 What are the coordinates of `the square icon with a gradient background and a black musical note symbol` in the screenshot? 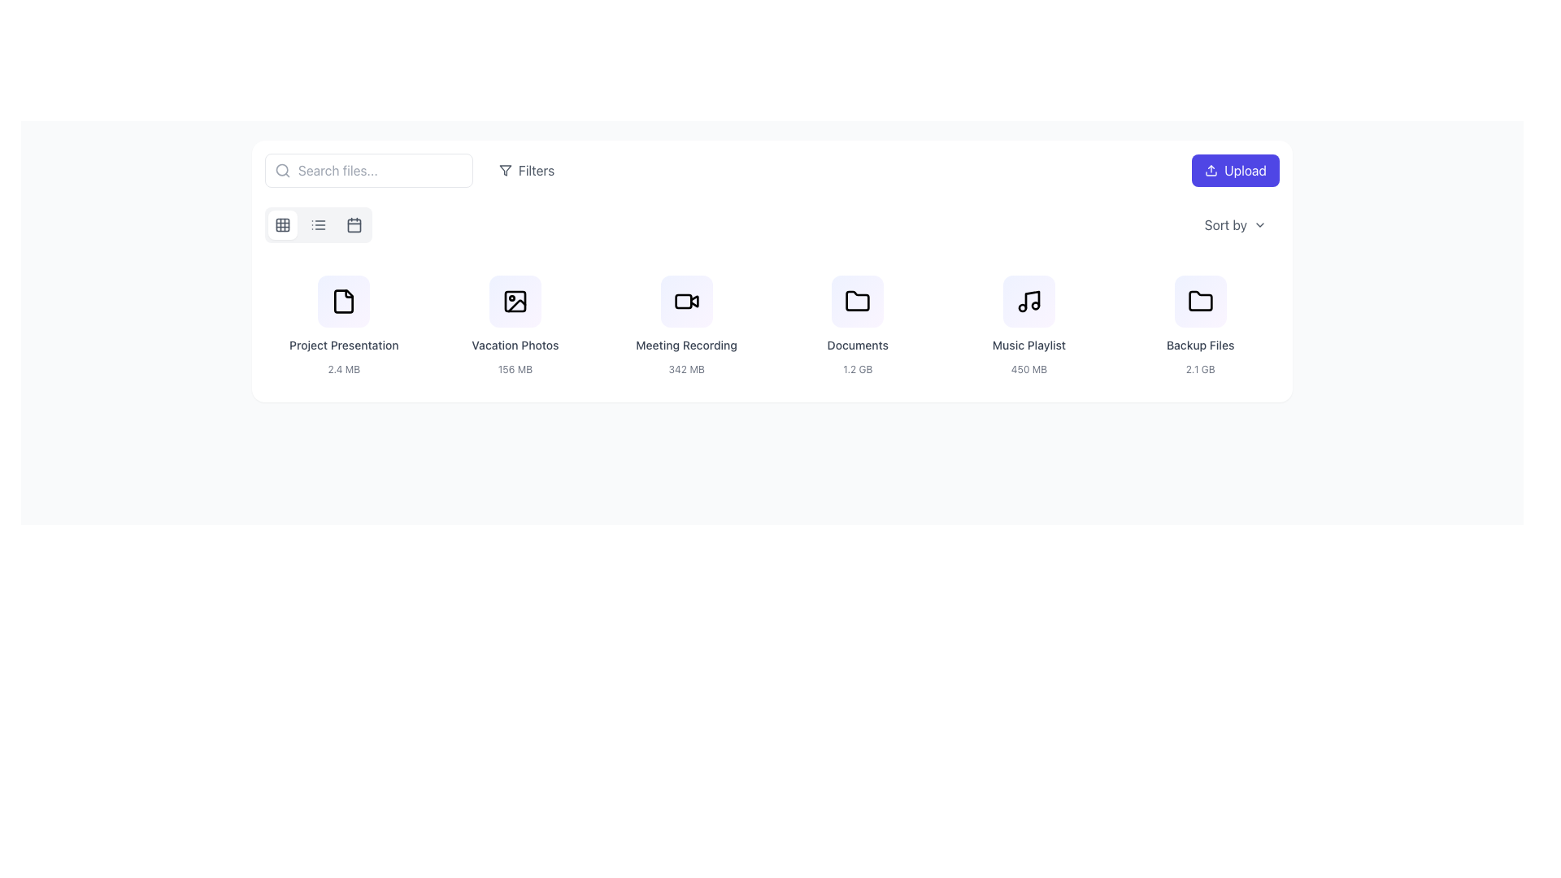 It's located at (1028, 301).